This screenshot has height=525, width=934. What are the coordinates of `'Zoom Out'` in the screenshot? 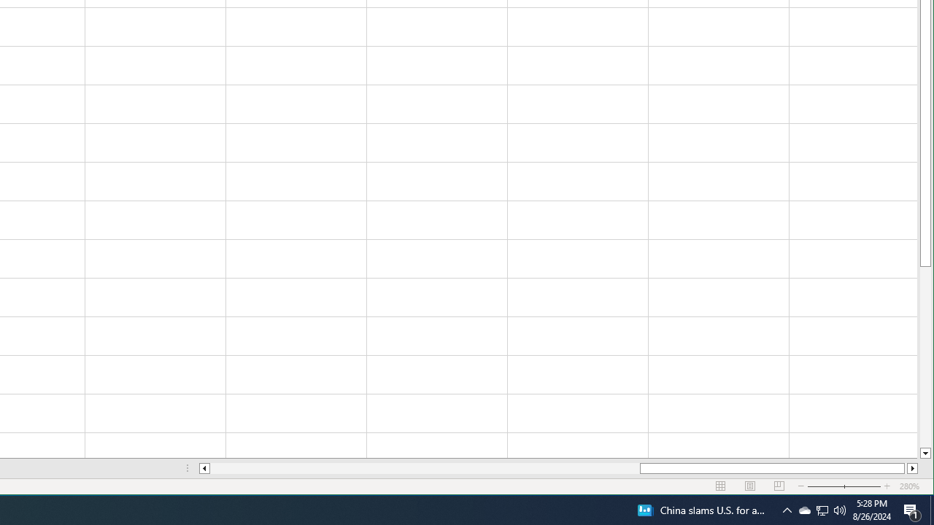 It's located at (835, 486).